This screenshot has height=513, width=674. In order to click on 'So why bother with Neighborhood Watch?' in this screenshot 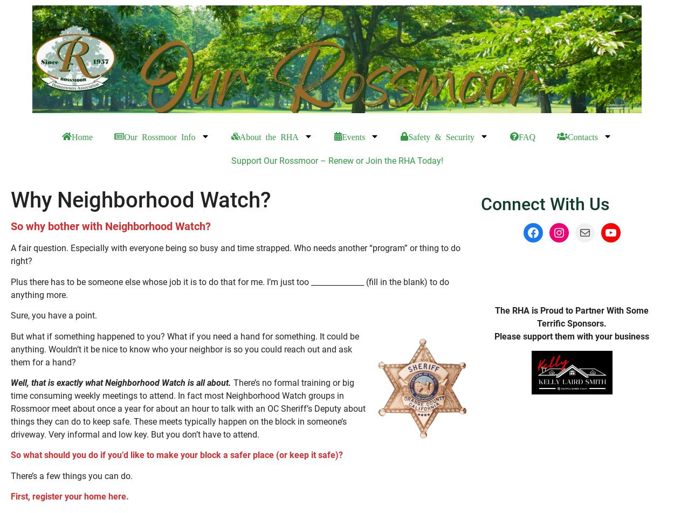, I will do `click(110, 226)`.